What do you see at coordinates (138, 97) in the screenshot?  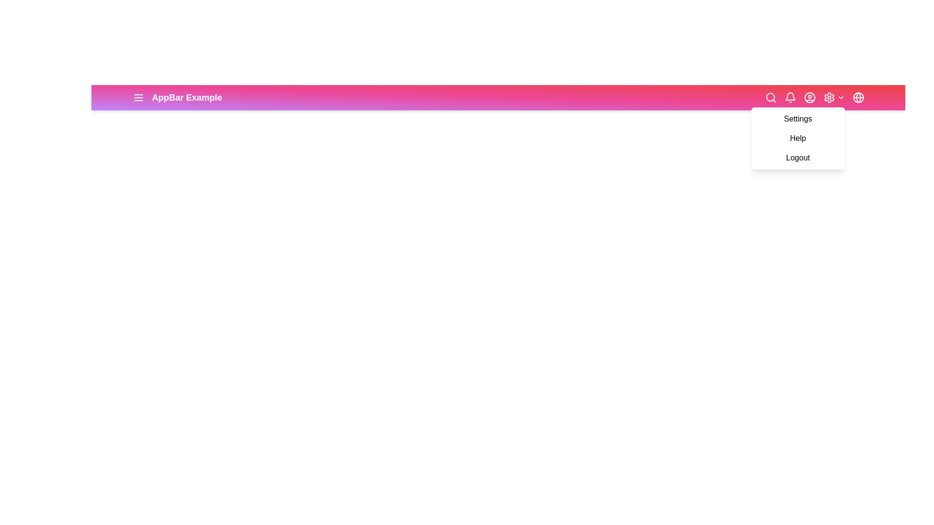 I see `menu button to open the menu` at bounding box center [138, 97].